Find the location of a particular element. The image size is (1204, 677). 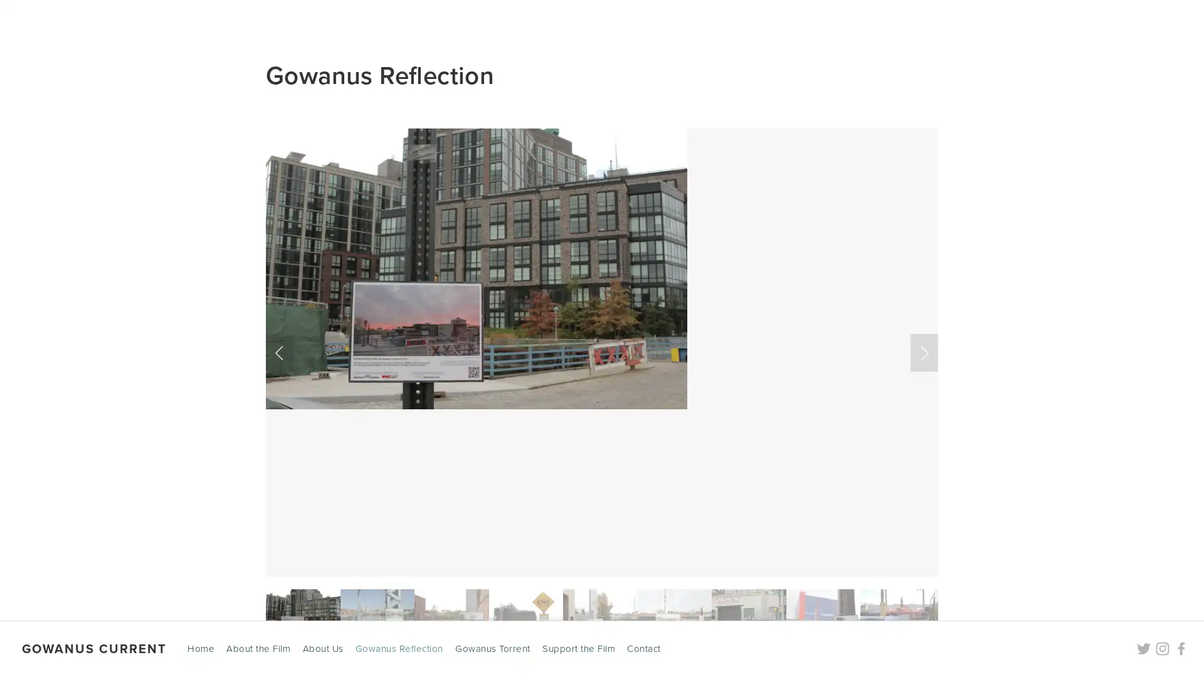

Slide 3 is located at coordinates (451, 612).